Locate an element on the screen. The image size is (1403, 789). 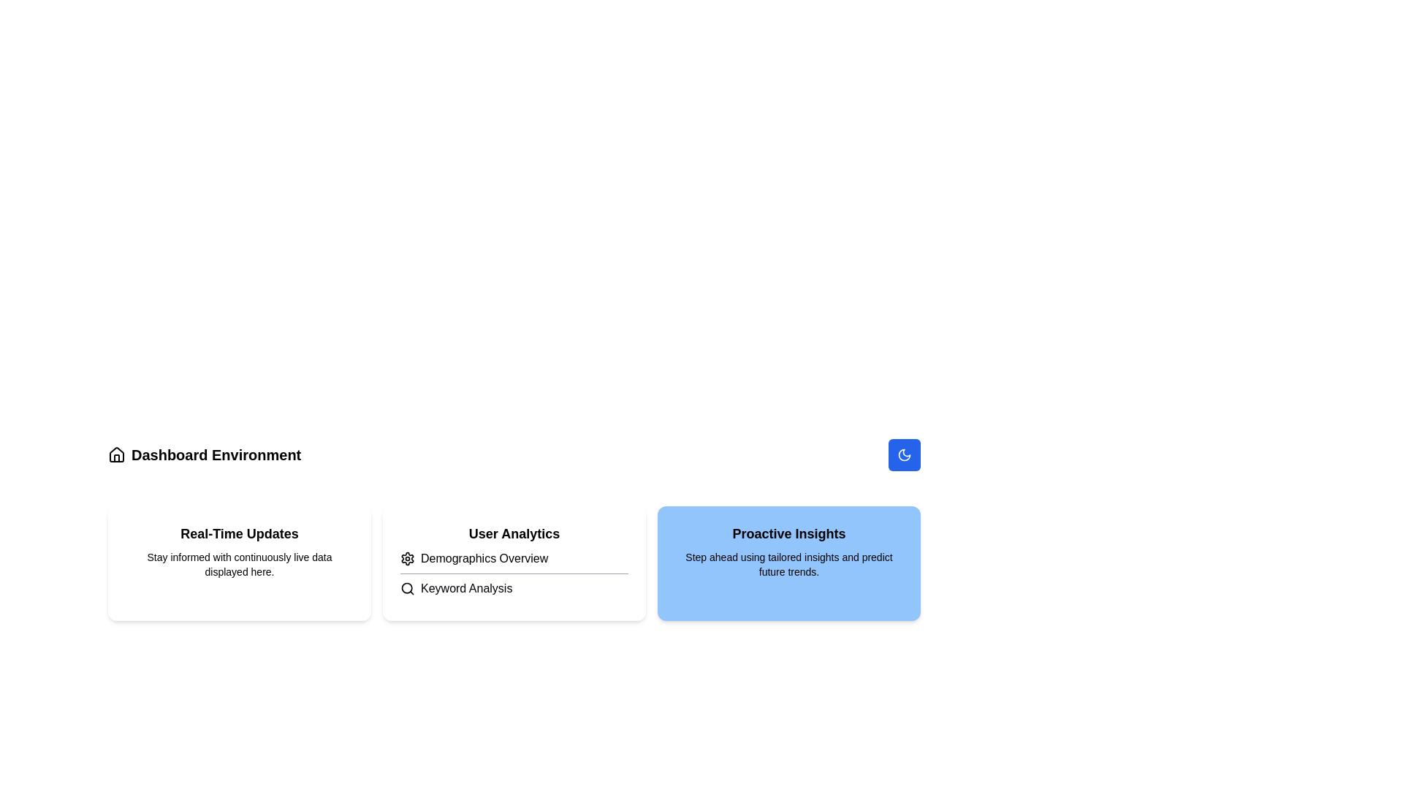
displayed information from the 'Real-Time Updates' informational card, which is the first card in a three-card grid layout with a light gray background and rounded corners is located at coordinates (239, 563).